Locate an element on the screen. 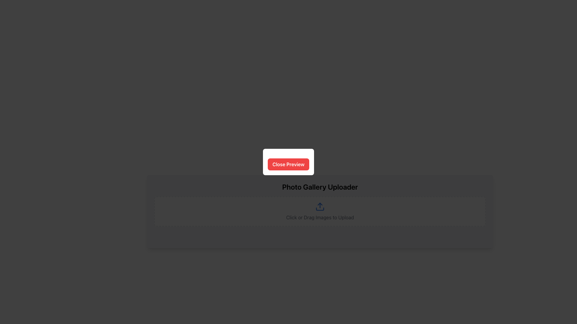 This screenshot has width=577, height=324. the close button located in the center area of the preview modal is located at coordinates (288, 164).